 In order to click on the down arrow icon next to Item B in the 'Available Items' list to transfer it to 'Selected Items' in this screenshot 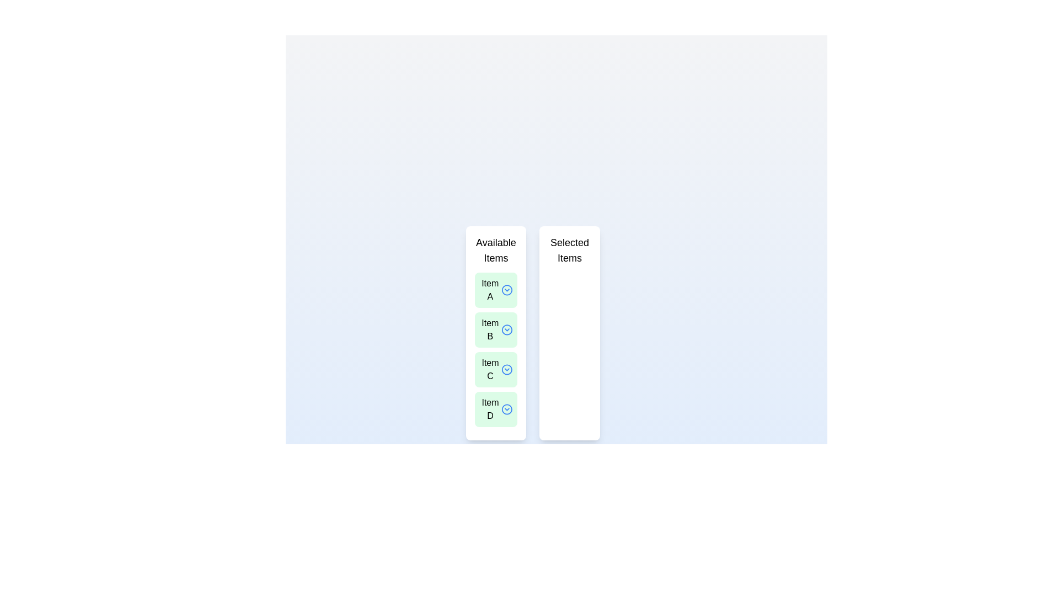, I will do `click(506, 329)`.